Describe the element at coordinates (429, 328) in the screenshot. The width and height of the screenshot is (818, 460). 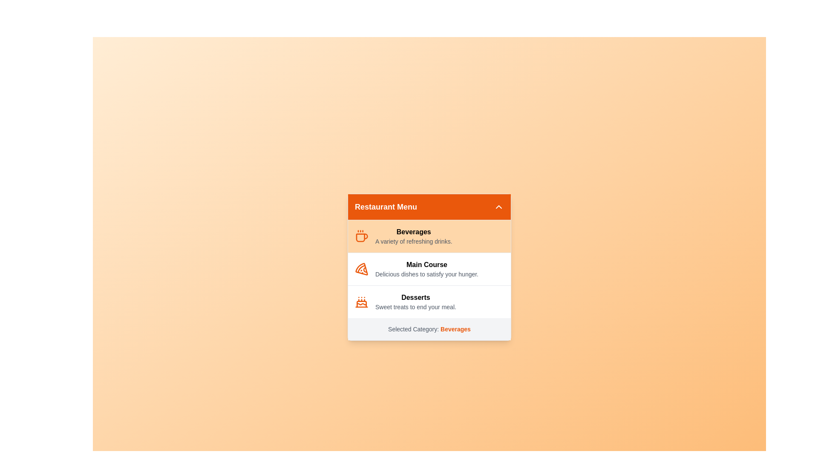
I see `the text 'Selected Category: Beverages' at the bottom of the menu` at that location.